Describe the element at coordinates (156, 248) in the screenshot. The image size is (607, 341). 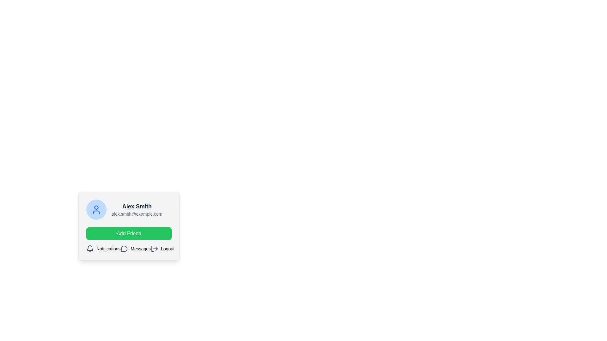
I see `the directional arrow element that is part of the logout button located at the bottom-right corner of the user card interface` at that location.